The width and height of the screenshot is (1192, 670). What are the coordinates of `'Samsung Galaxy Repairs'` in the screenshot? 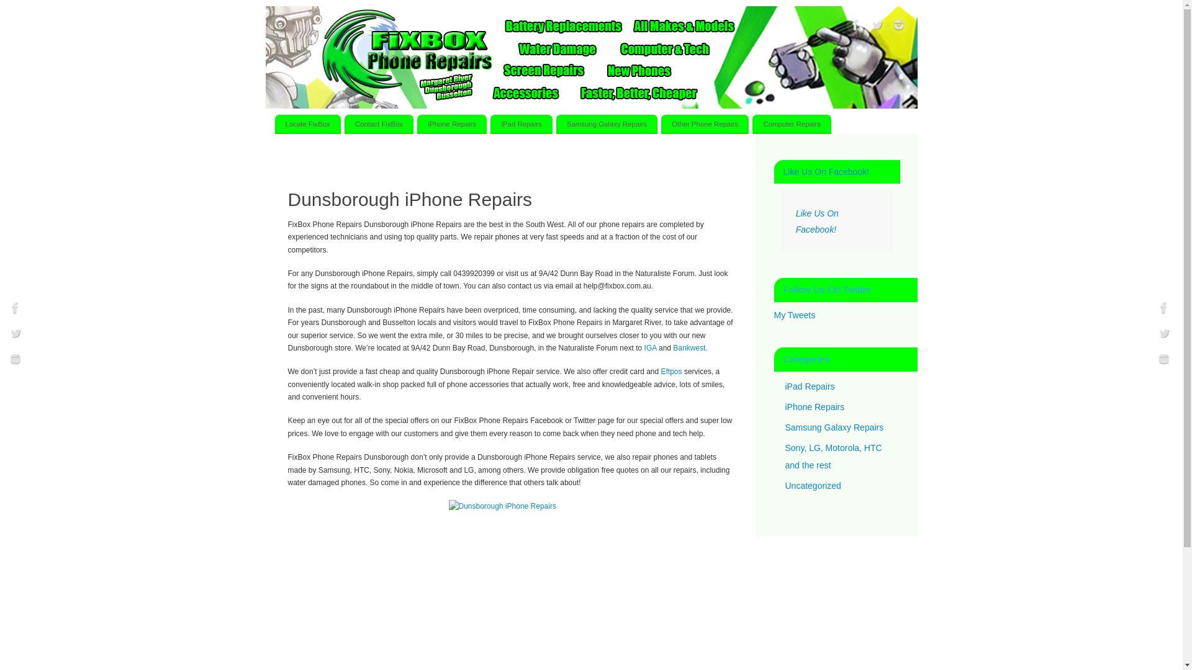 It's located at (834, 426).